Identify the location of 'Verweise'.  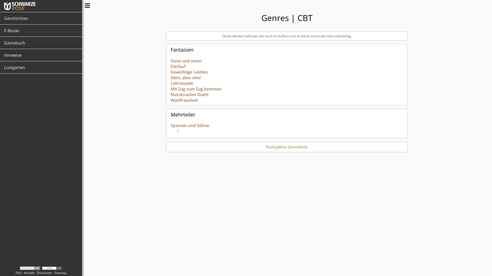
(40, 55).